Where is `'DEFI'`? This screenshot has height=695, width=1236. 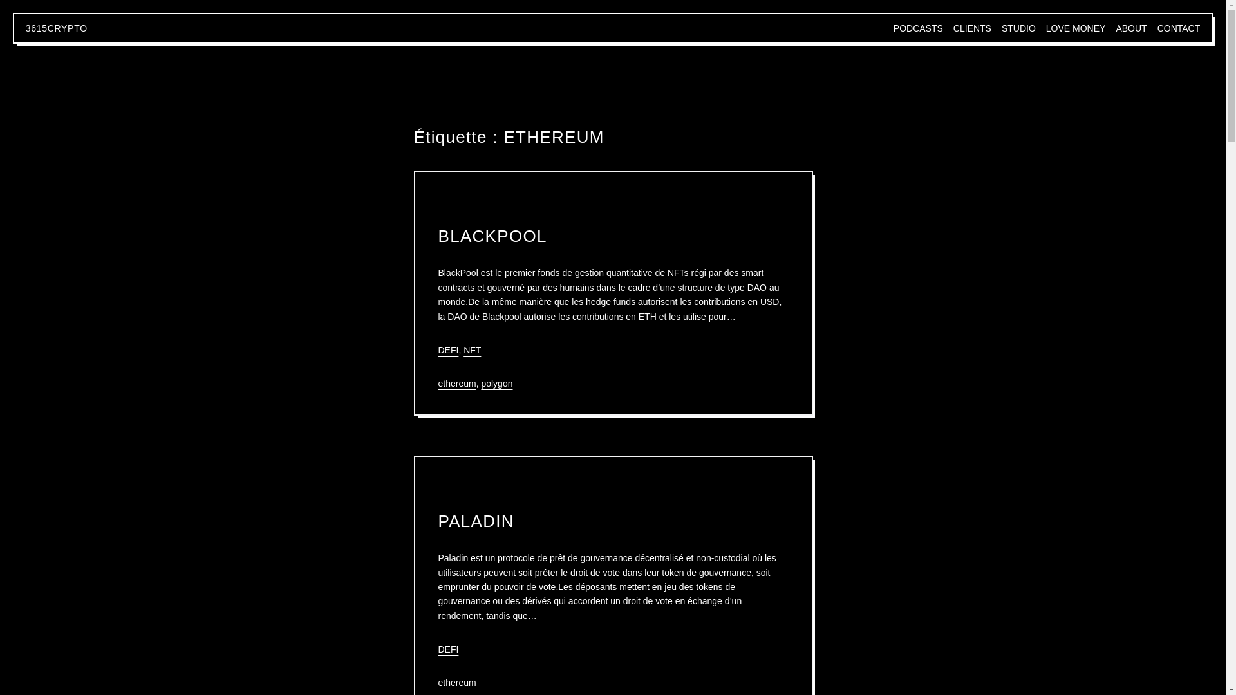 'DEFI' is located at coordinates (448, 649).